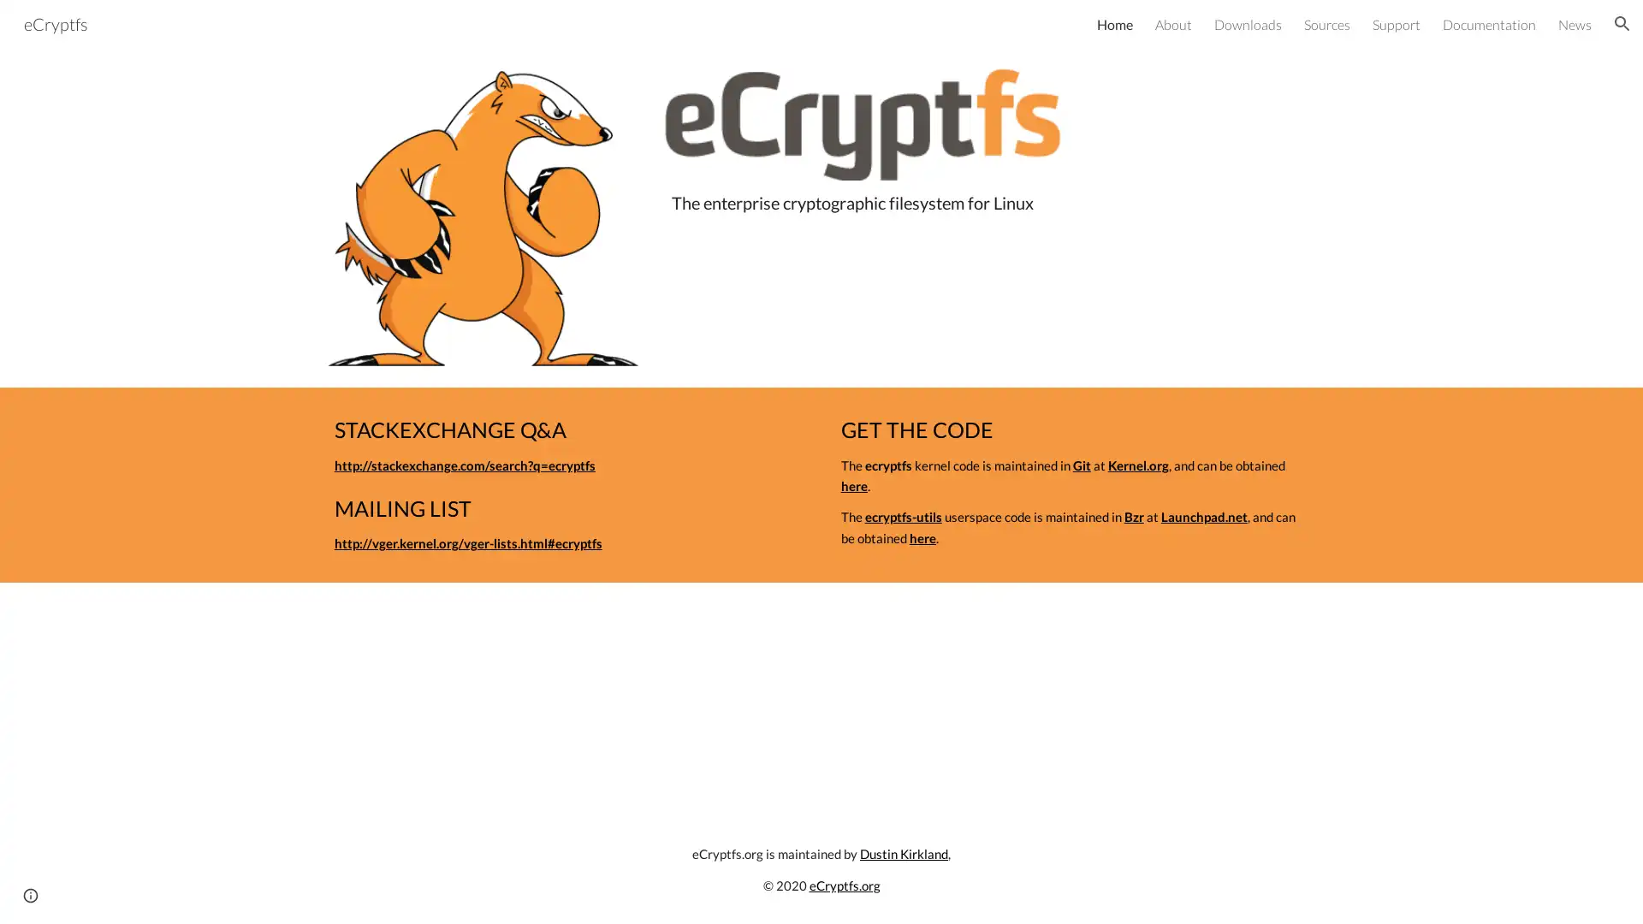  What do you see at coordinates (30, 893) in the screenshot?
I see `Site actions` at bounding box center [30, 893].